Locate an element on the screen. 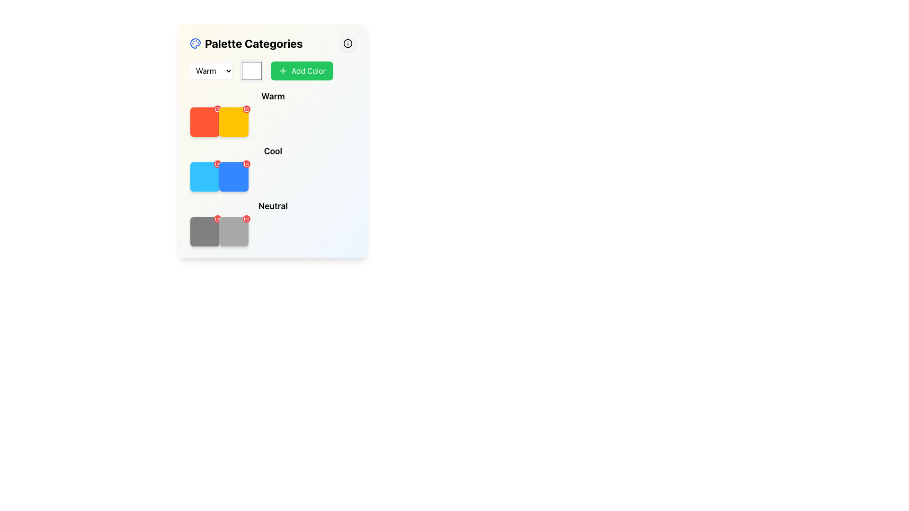  the Close Button located in the top-right corner of the red tile in the first row of the 'Warm' category is located at coordinates (217, 109).